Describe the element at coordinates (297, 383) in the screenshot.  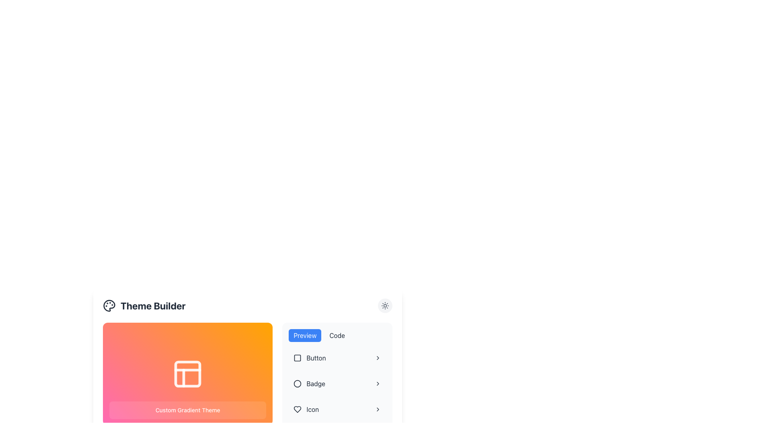
I see `the circular icon with a hollow center next to the text 'Badge' in the menu interface` at that location.